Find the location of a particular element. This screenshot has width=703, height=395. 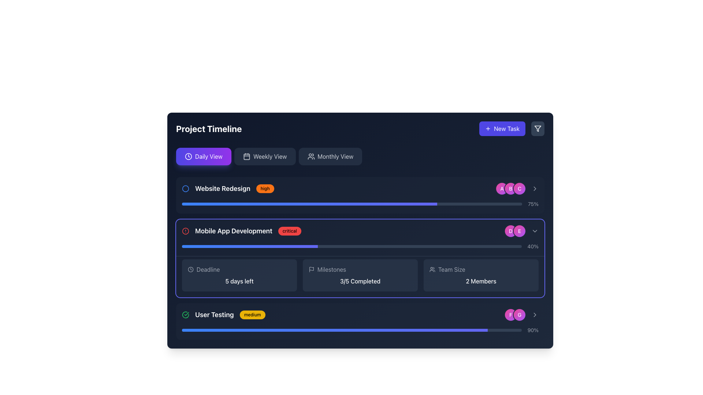

the text label that indicates progress, stating that 3 out of 5 milestones have been completed, located in the 'Milestones' sub-panel of the 'Mobile App Development' section is located at coordinates (360, 281).